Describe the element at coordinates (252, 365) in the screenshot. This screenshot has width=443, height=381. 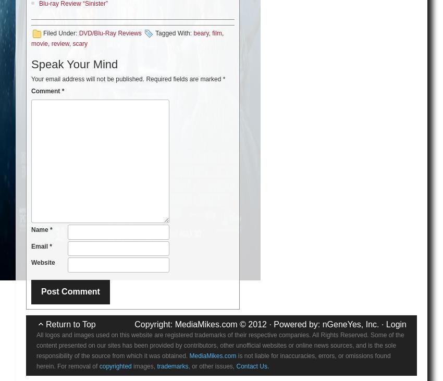
I see `'Contact Us.'` at that location.